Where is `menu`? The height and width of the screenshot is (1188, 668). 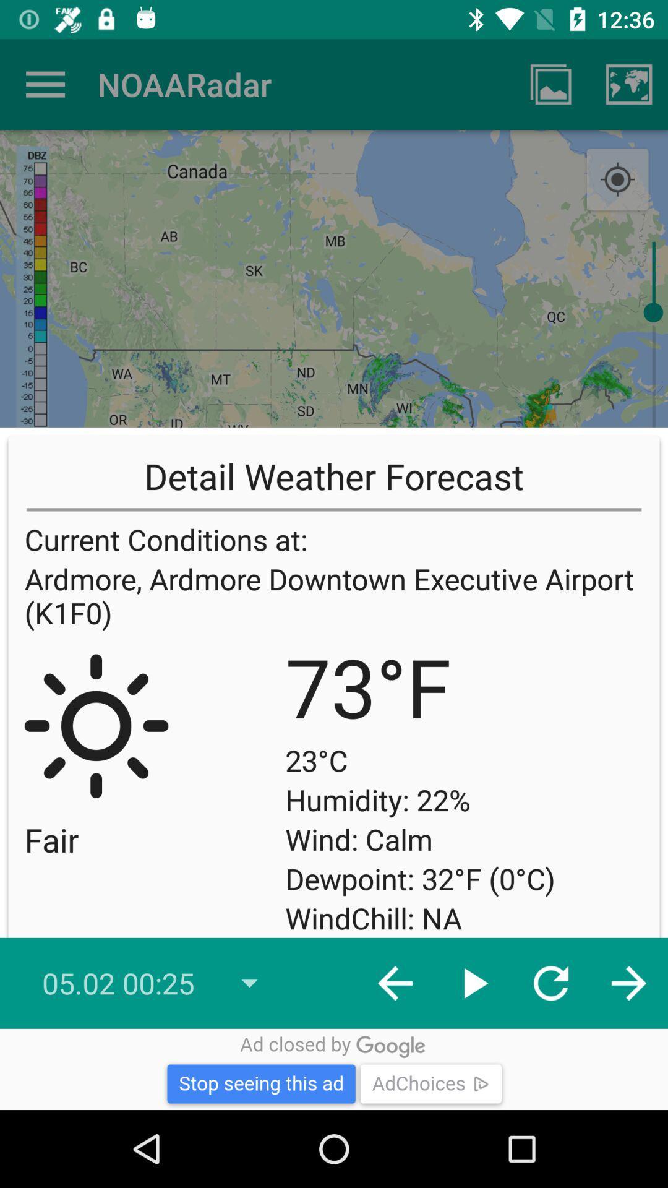 menu is located at coordinates (45, 84).